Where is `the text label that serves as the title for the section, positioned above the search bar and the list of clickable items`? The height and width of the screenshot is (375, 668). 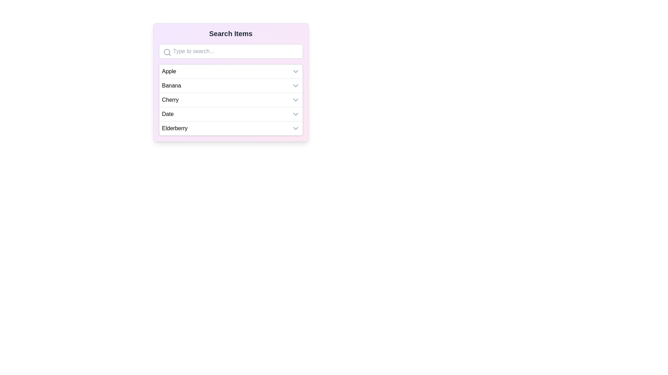 the text label that serves as the title for the section, positioned above the search bar and the list of clickable items is located at coordinates (231, 33).